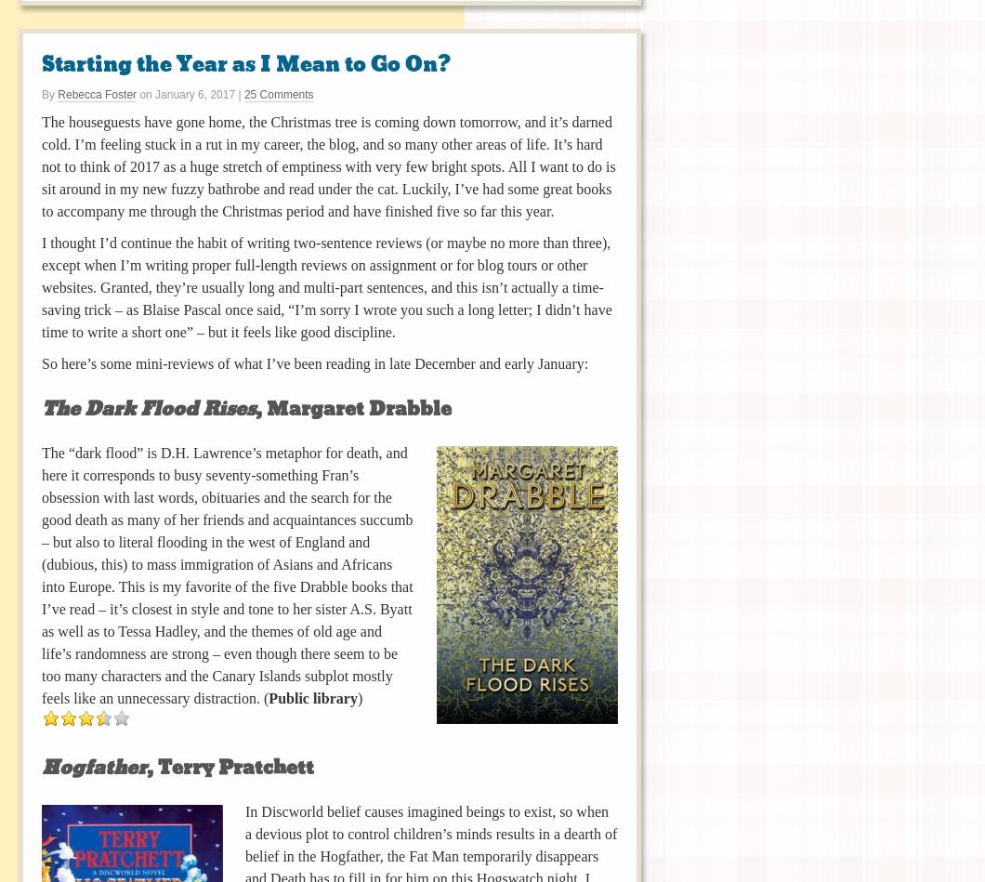 This screenshot has width=985, height=882. I want to click on 'So here’s some mini-reviews of what I’ve been reading in late December and early January:', so click(314, 362).